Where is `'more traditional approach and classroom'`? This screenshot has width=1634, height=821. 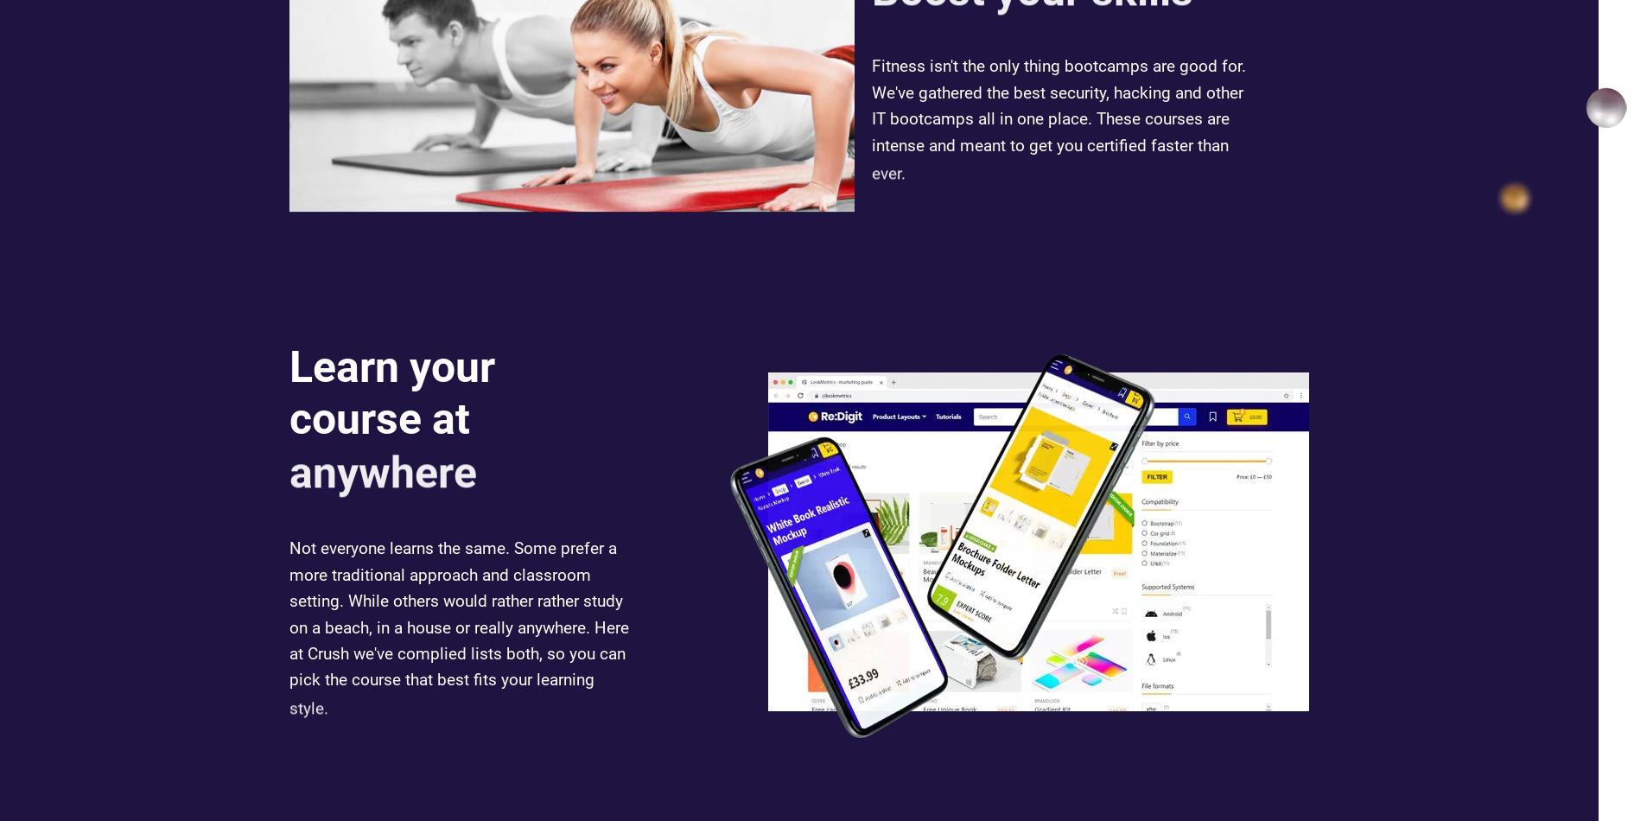
'more traditional approach and classroom' is located at coordinates (289, 576).